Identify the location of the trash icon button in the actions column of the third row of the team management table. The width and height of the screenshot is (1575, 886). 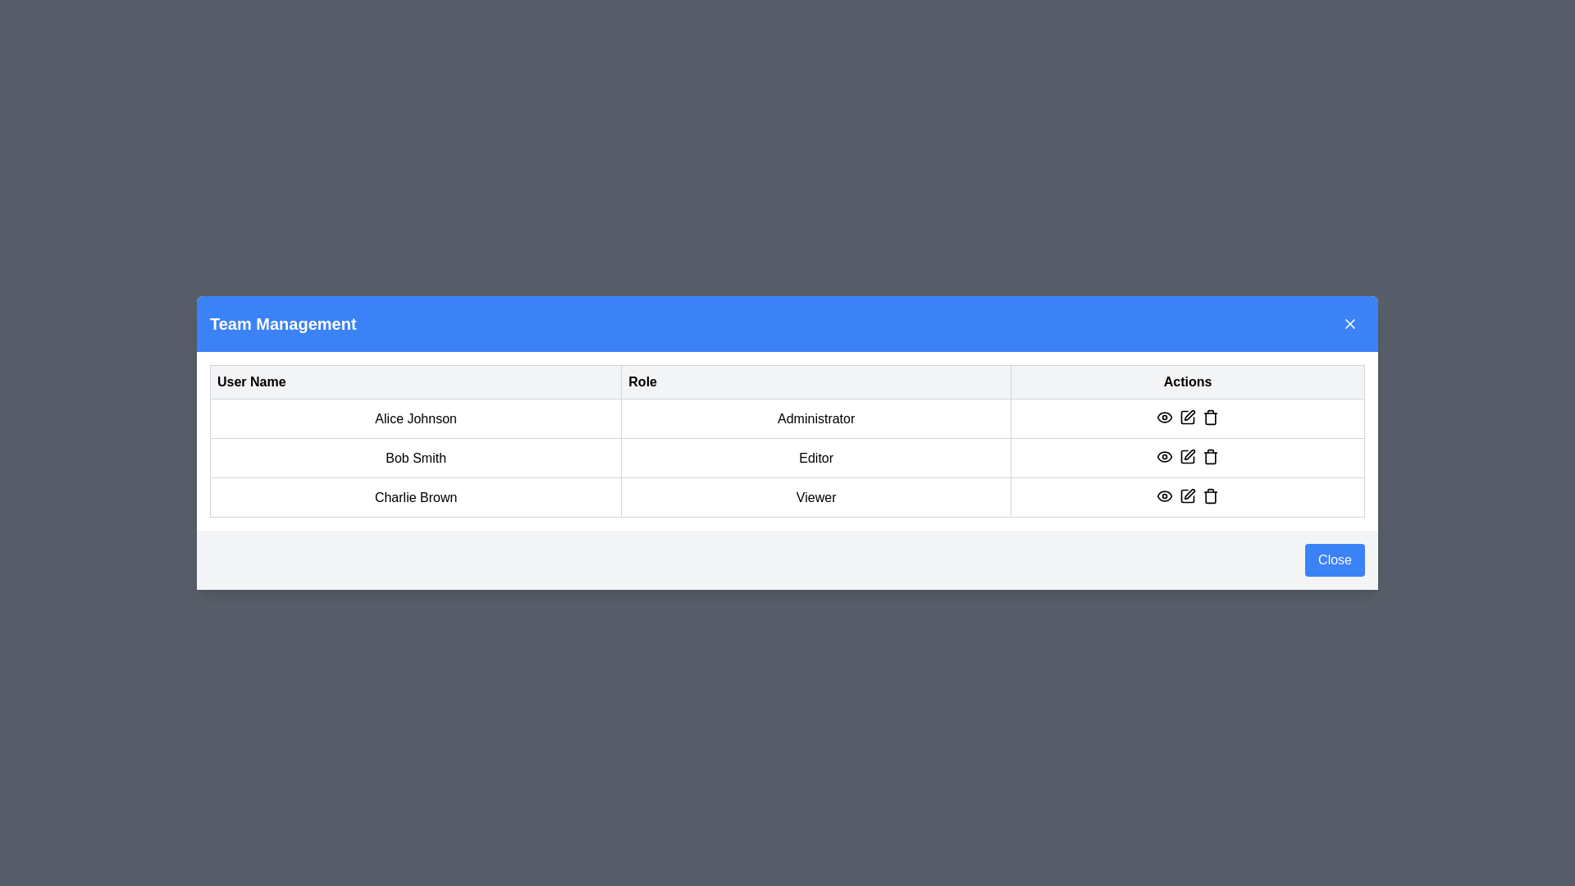
(1211, 456).